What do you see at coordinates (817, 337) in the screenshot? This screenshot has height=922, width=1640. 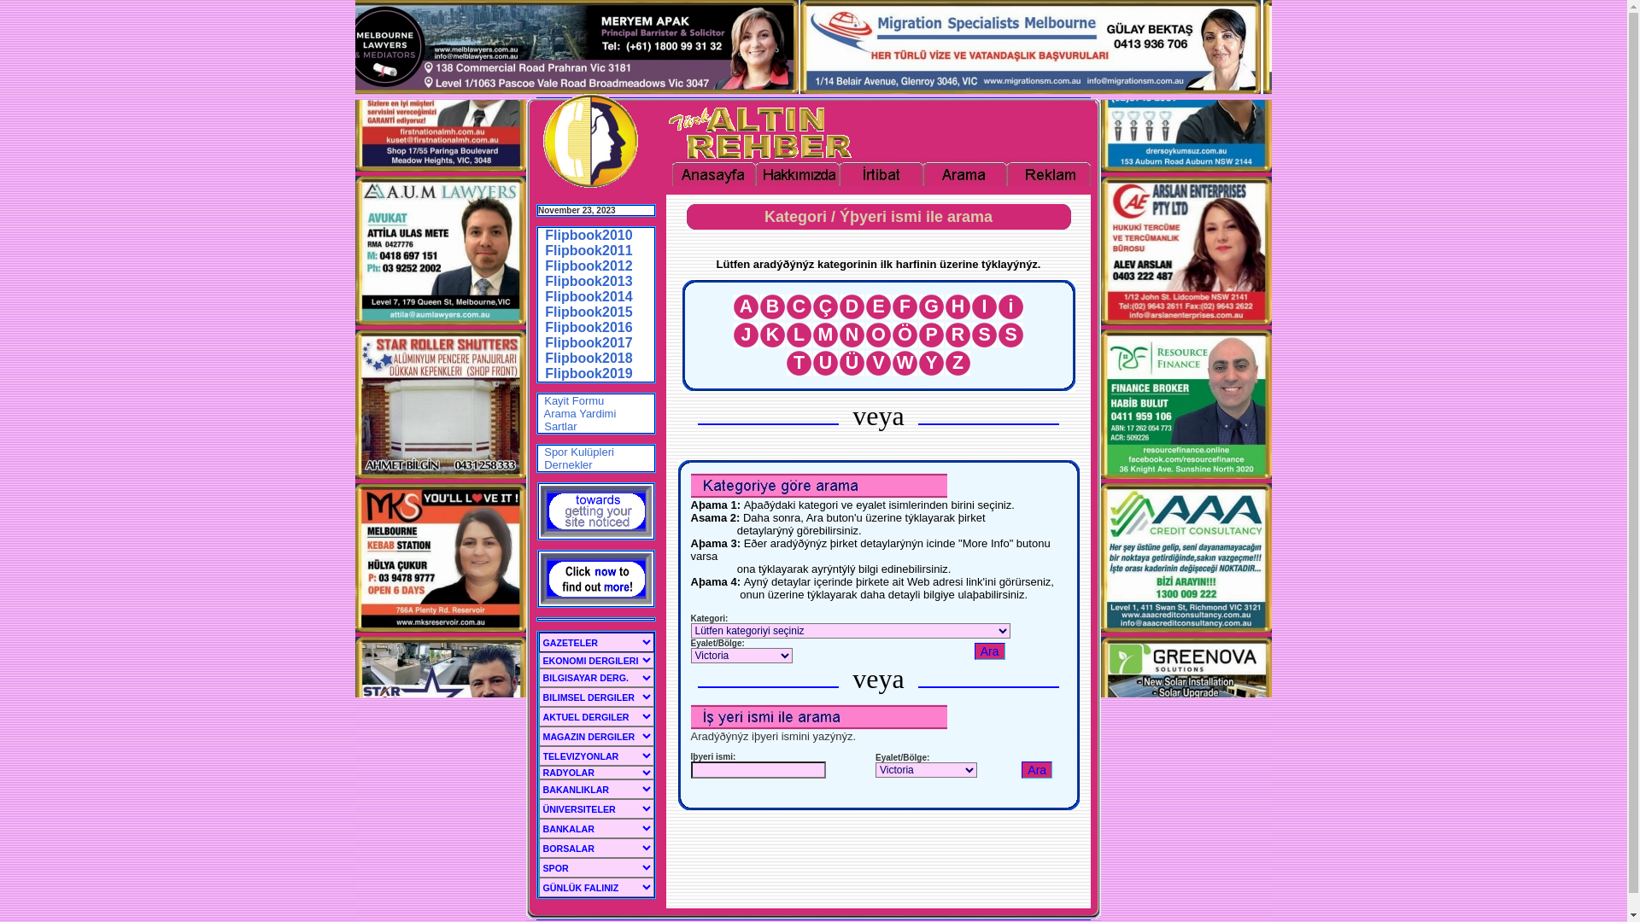 I see `'M'` at bounding box center [817, 337].